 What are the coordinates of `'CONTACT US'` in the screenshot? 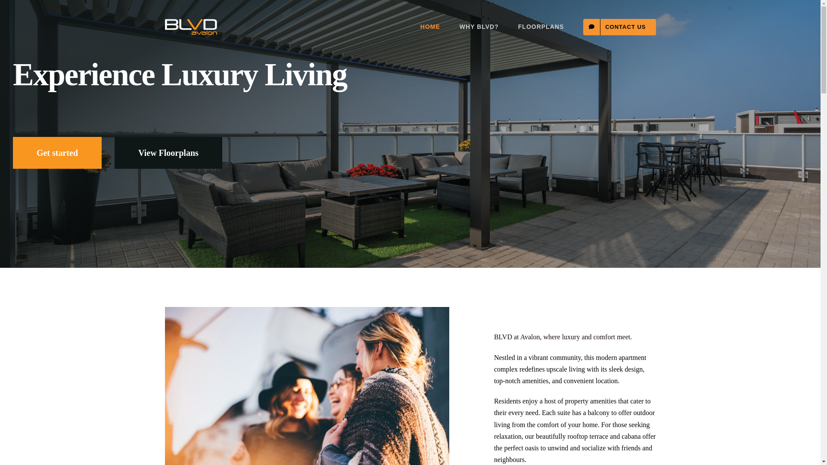 It's located at (619, 26).